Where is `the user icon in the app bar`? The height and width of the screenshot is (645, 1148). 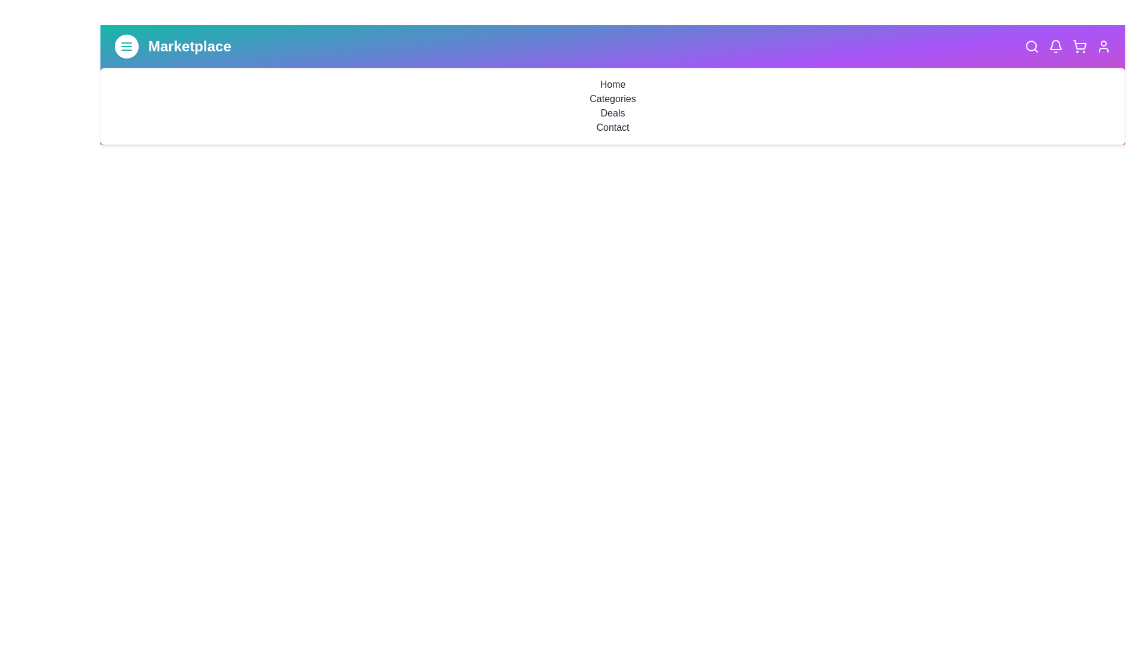
the user icon in the app bar is located at coordinates (1103, 45).